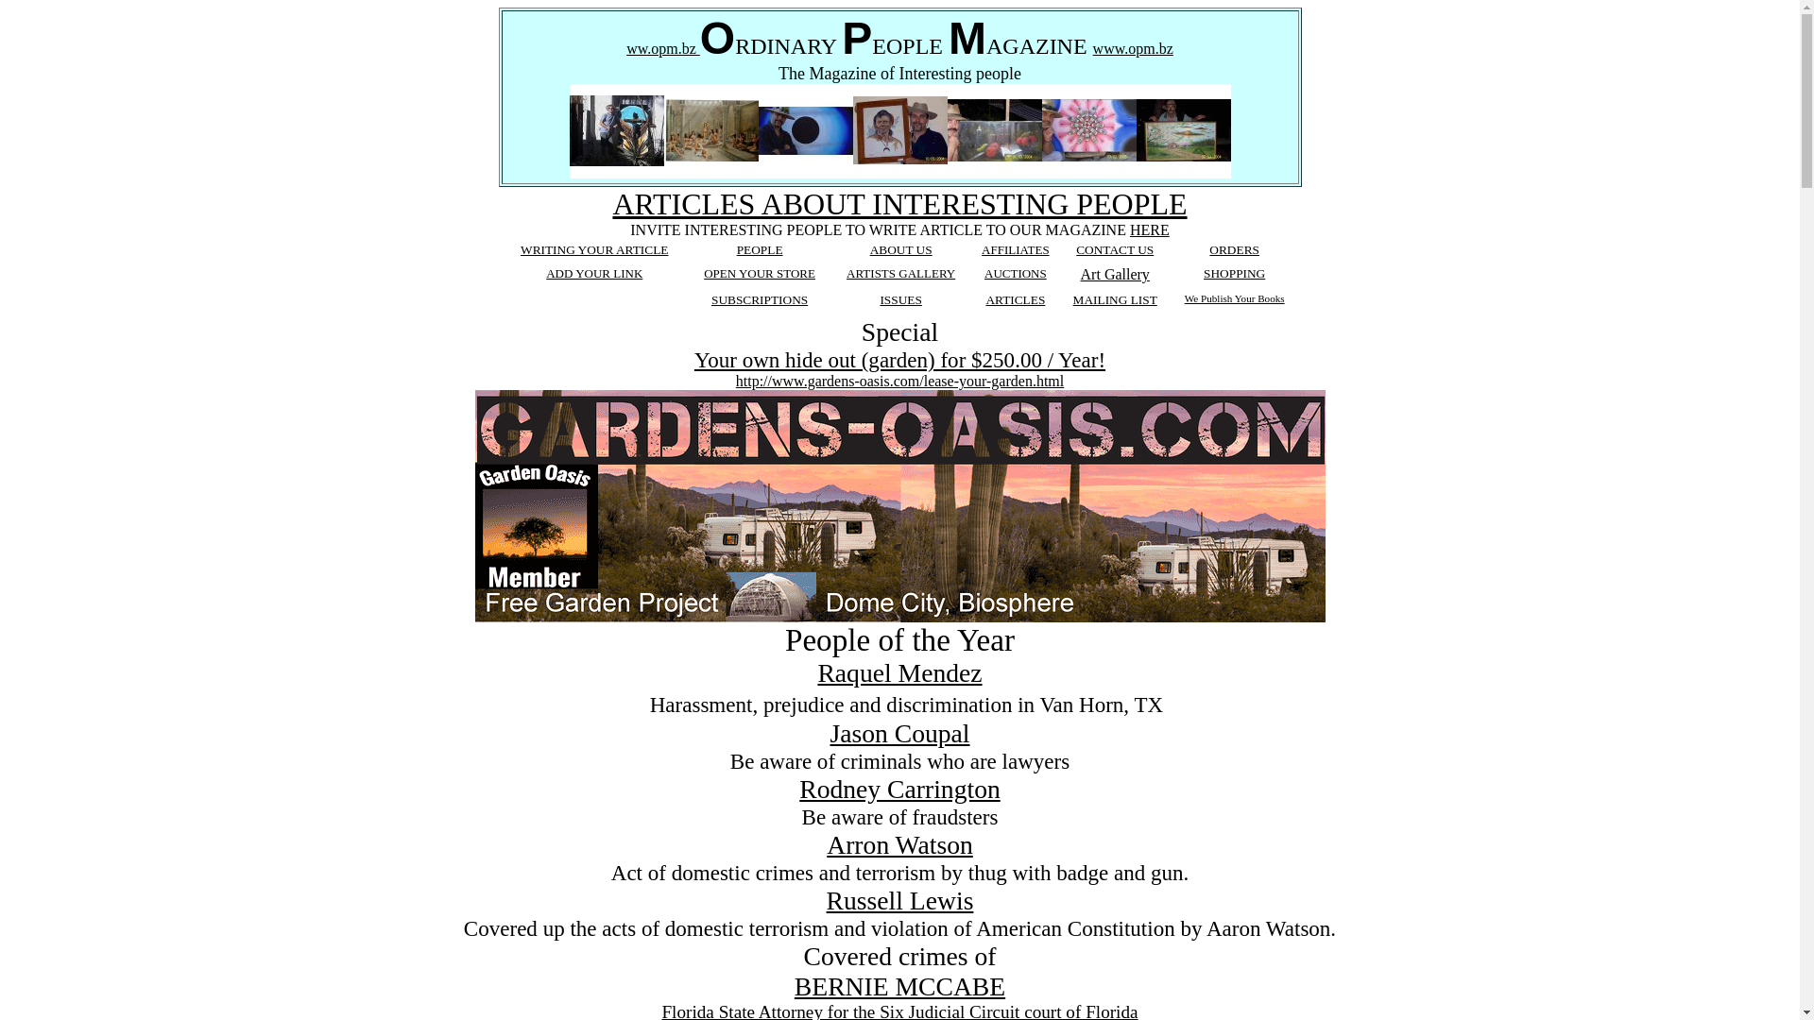  Describe the element at coordinates (898, 732) in the screenshot. I see `'Jason Coupal'` at that location.